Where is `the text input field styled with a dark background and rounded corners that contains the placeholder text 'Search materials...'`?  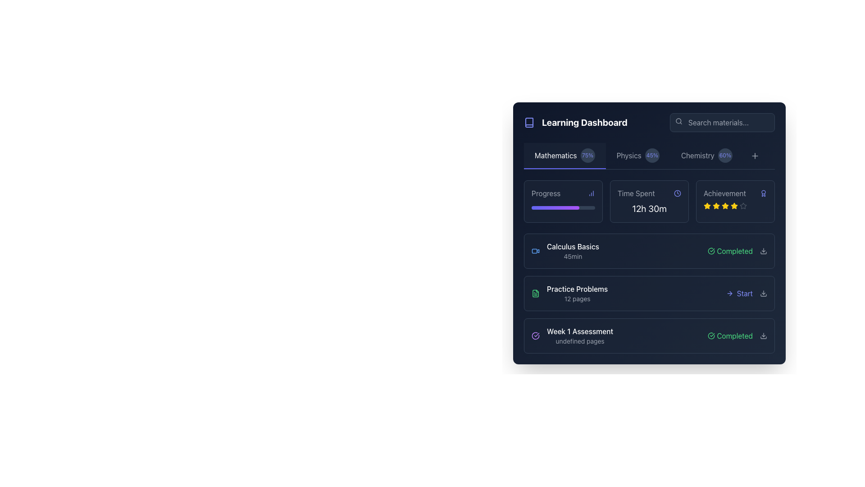 the text input field styled with a dark background and rounded corners that contains the placeholder text 'Search materials...' is located at coordinates (722, 123).